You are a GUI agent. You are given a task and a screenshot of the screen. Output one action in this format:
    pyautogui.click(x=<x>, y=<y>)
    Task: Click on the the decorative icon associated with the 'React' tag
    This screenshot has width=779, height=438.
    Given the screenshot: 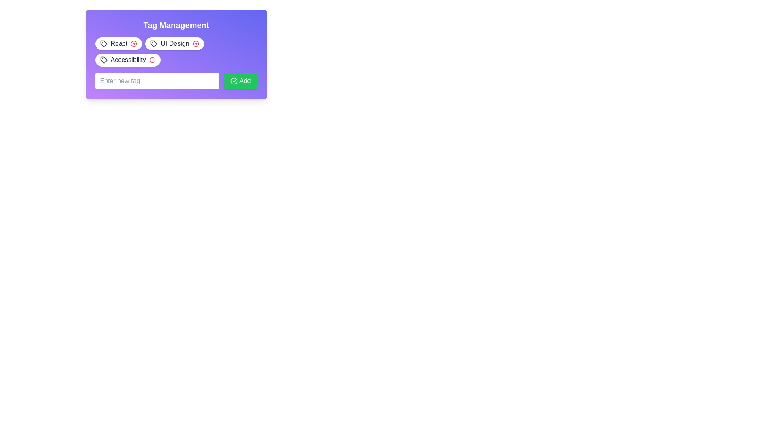 What is the action you would take?
    pyautogui.click(x=103, y=44)
    